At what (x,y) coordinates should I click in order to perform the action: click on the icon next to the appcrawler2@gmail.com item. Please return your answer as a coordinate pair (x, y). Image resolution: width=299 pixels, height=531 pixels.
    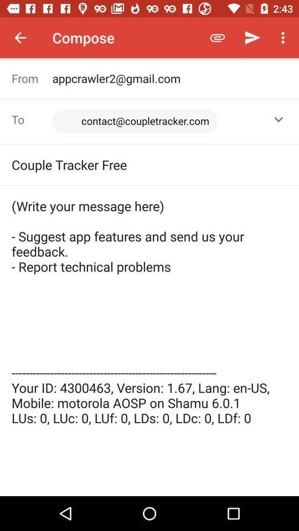
    Looking at the image, I should click on (32, 77).